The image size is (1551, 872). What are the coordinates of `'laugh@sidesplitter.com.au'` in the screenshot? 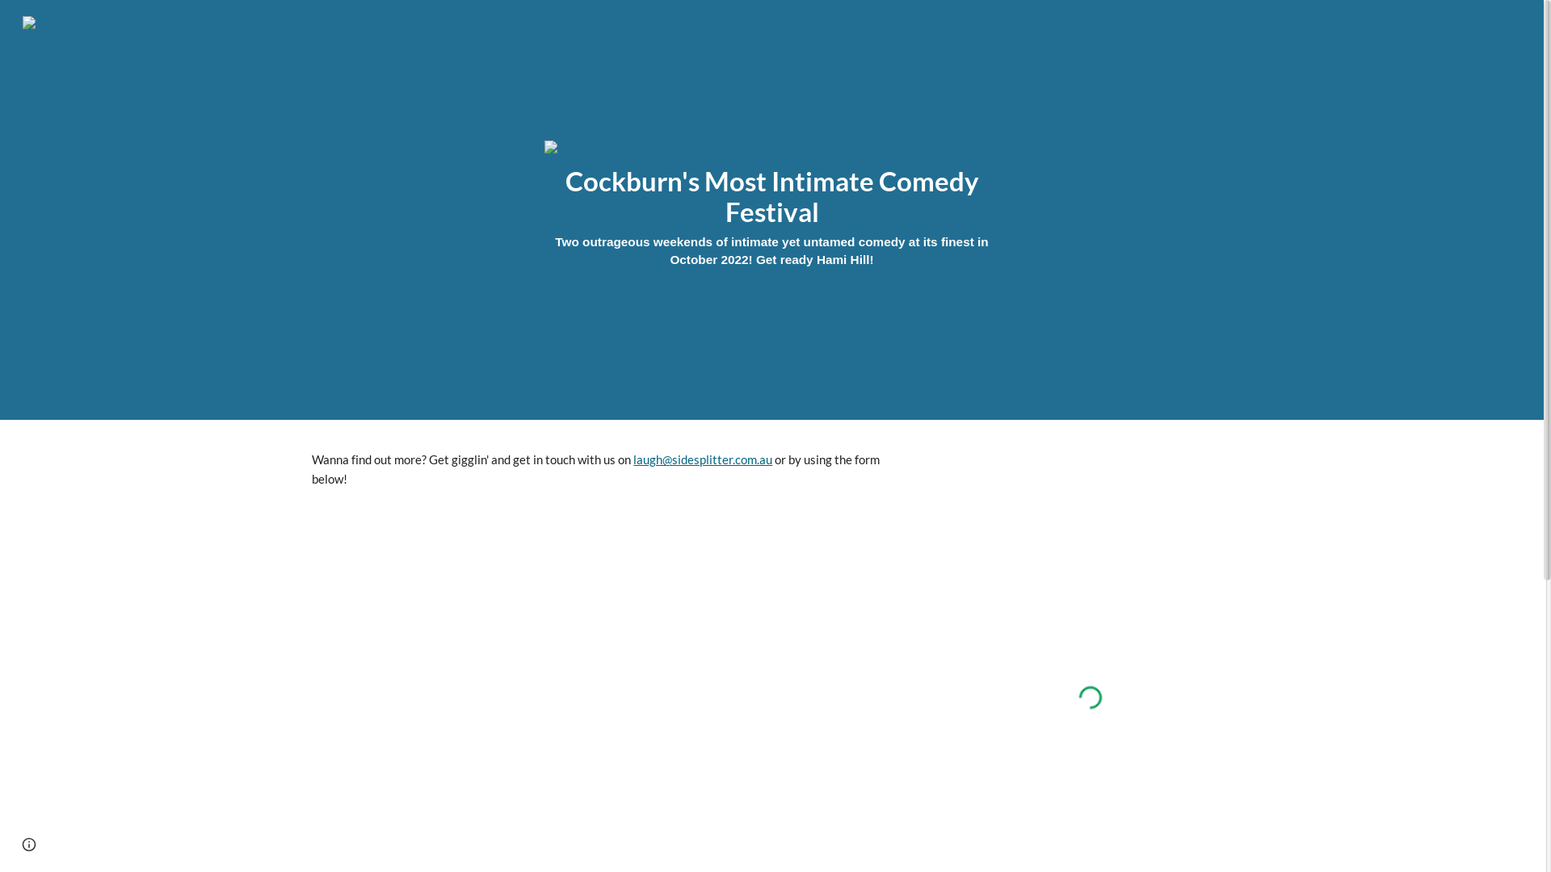 It's located at (702, 459).